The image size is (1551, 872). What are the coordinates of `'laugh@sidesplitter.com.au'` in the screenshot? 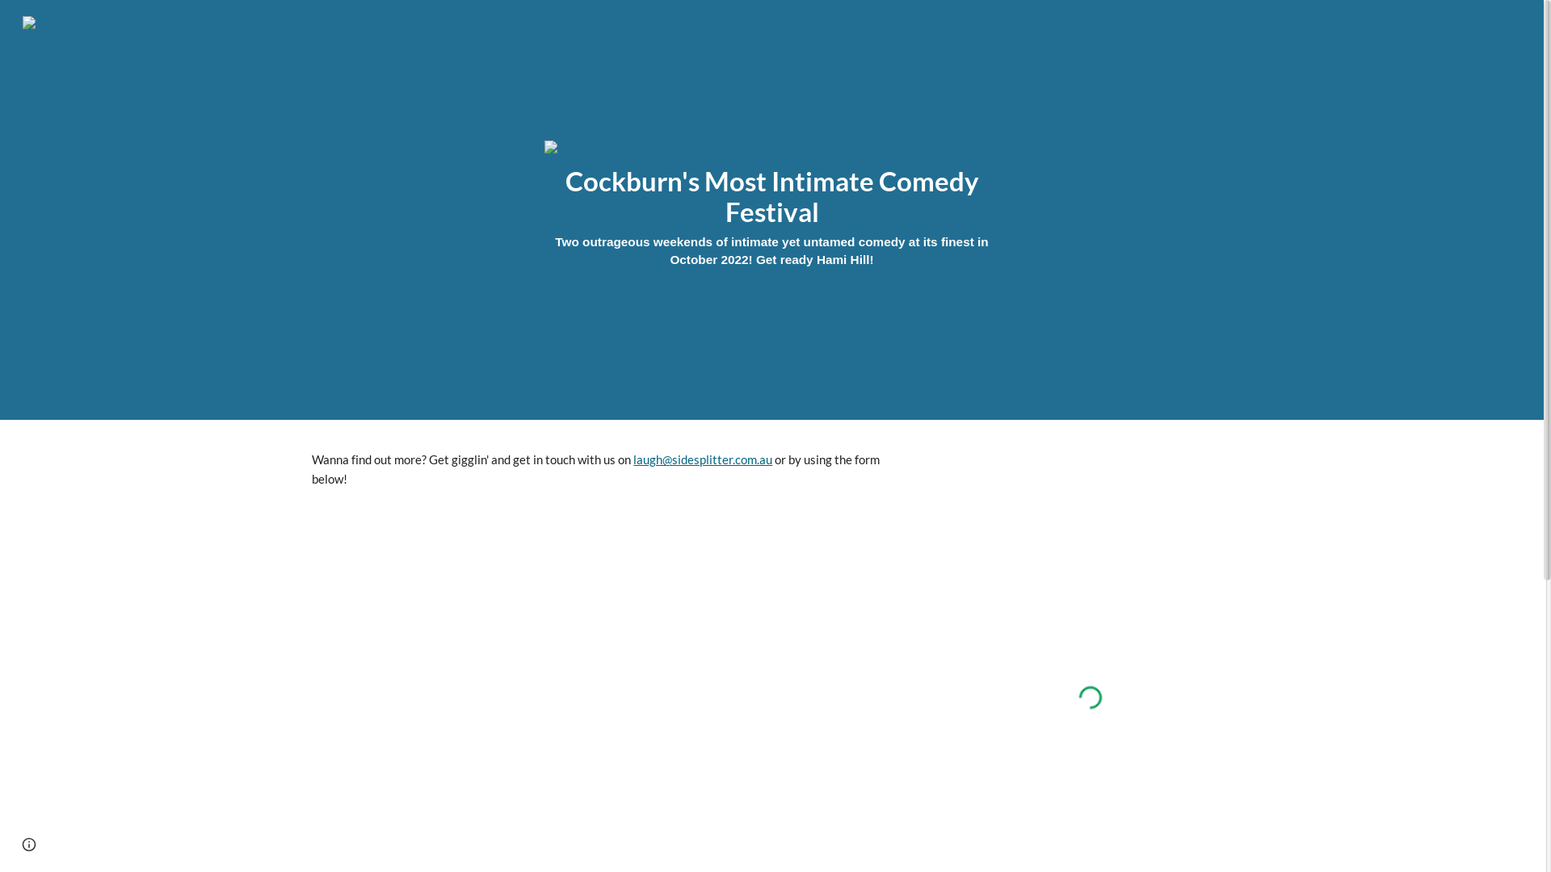 It's located at (702, 459).